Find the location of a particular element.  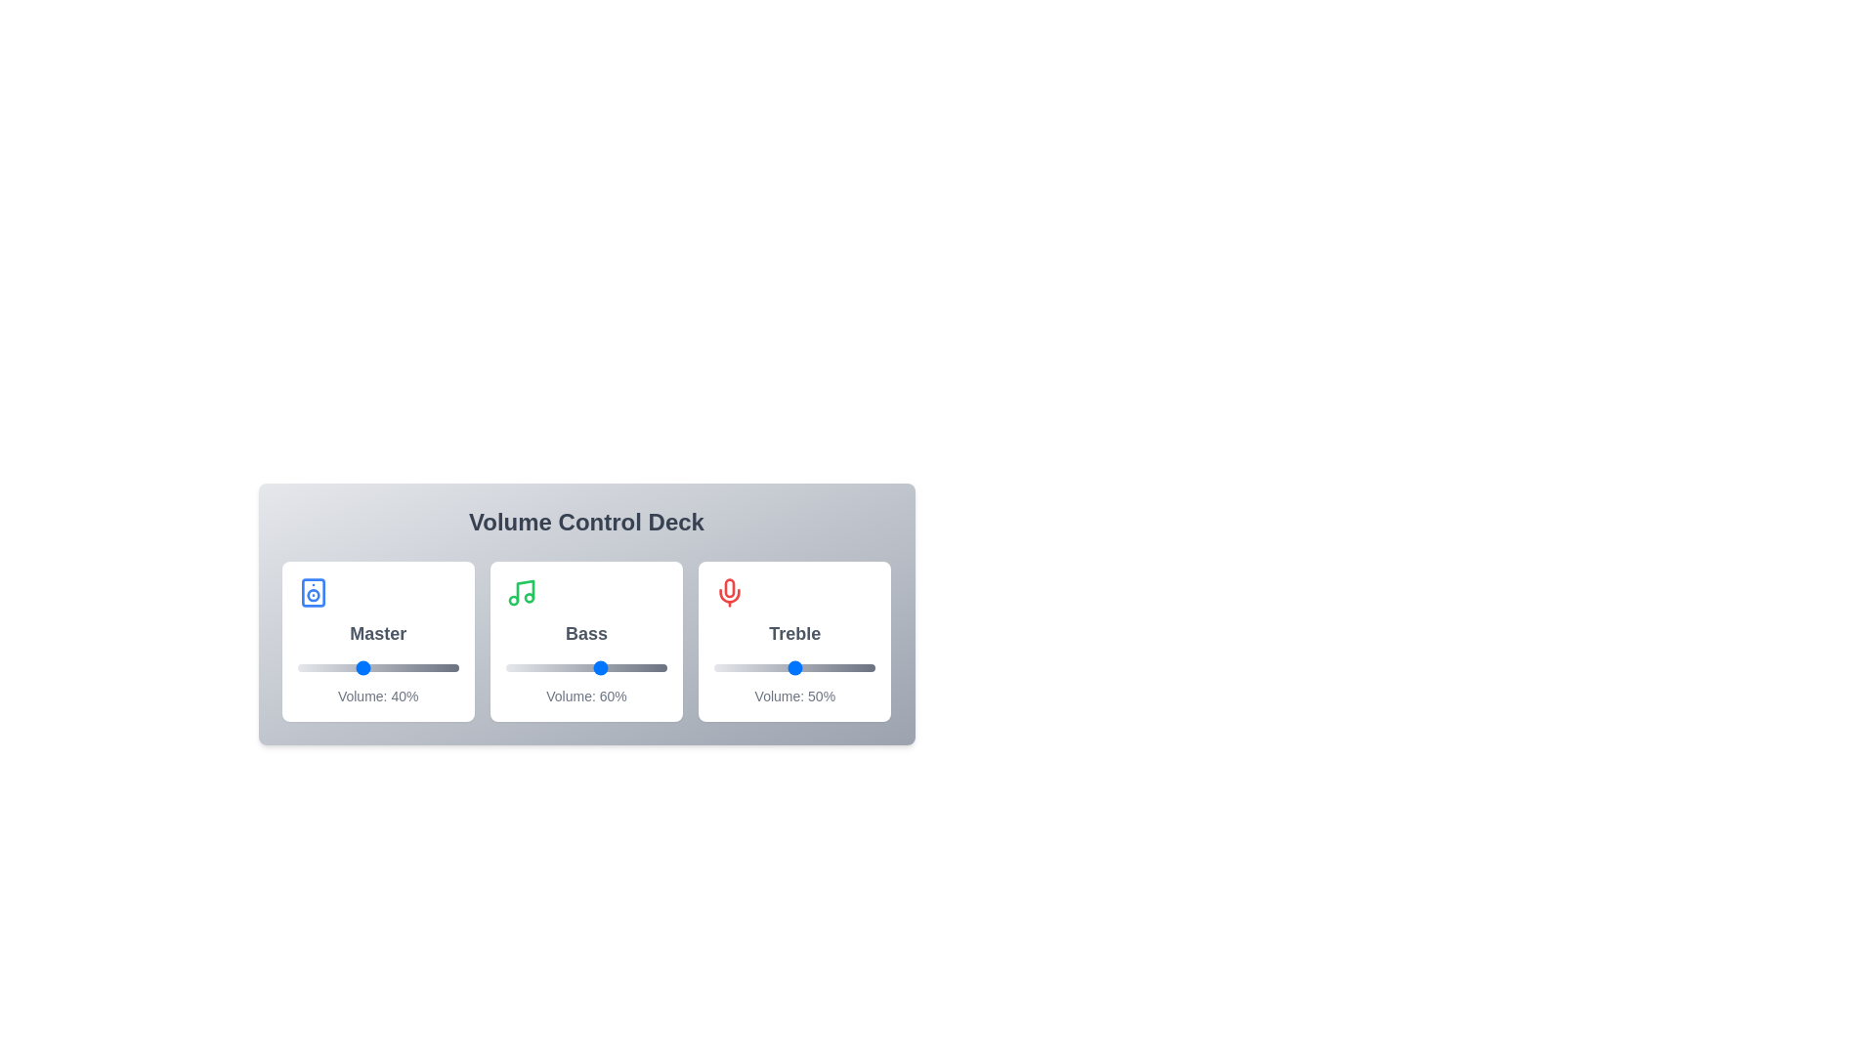

the Treble volume slider to 63% is located at coordinates (816, 666).